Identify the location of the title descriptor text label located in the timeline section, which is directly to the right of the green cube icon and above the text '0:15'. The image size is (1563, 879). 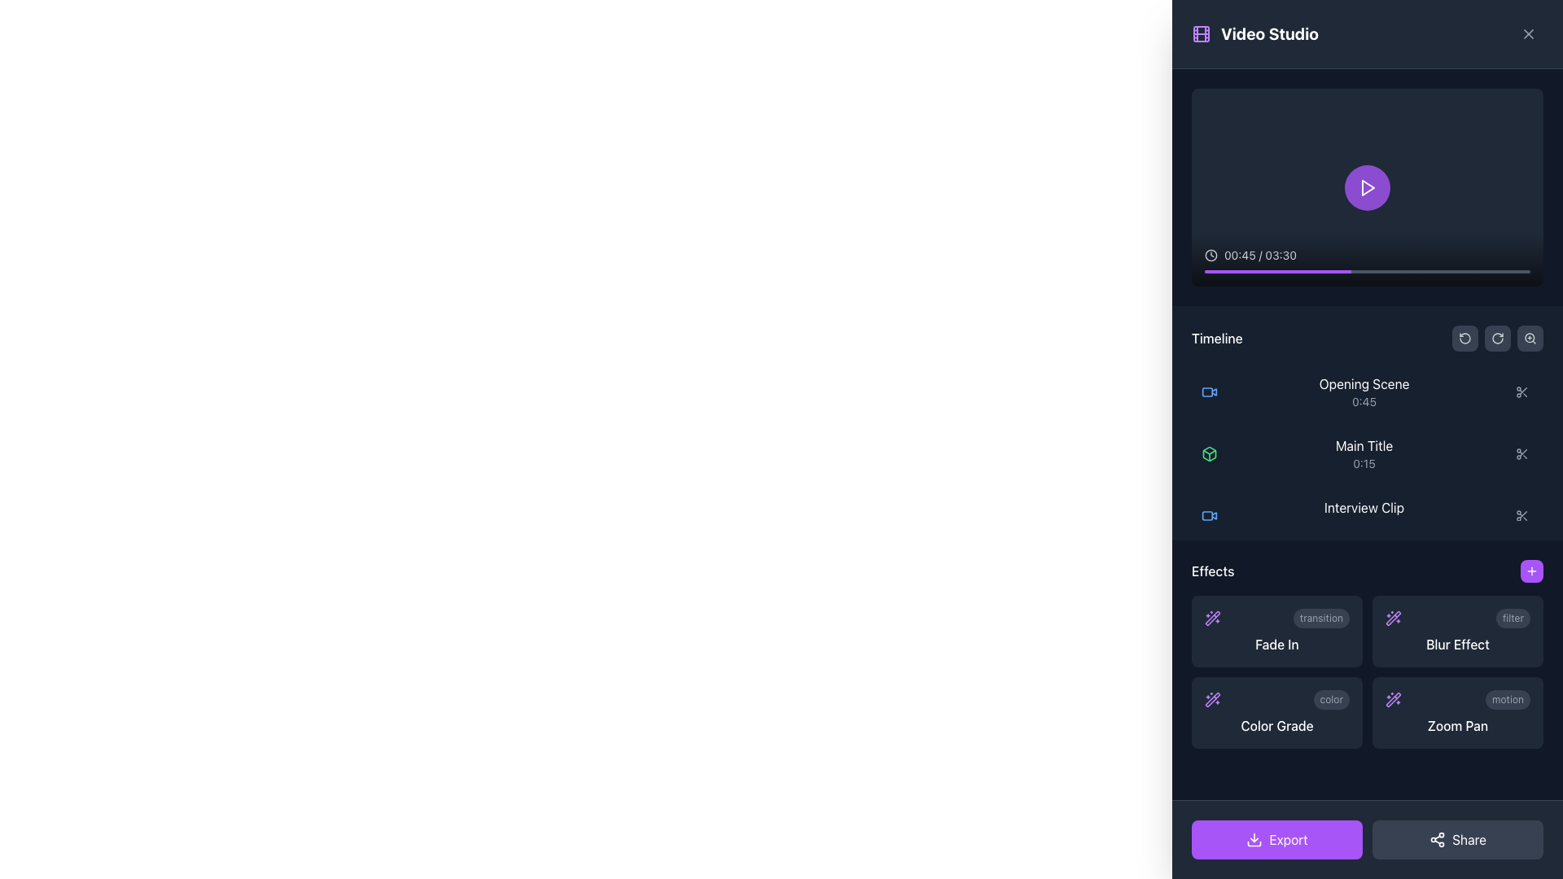
(1364, 445).